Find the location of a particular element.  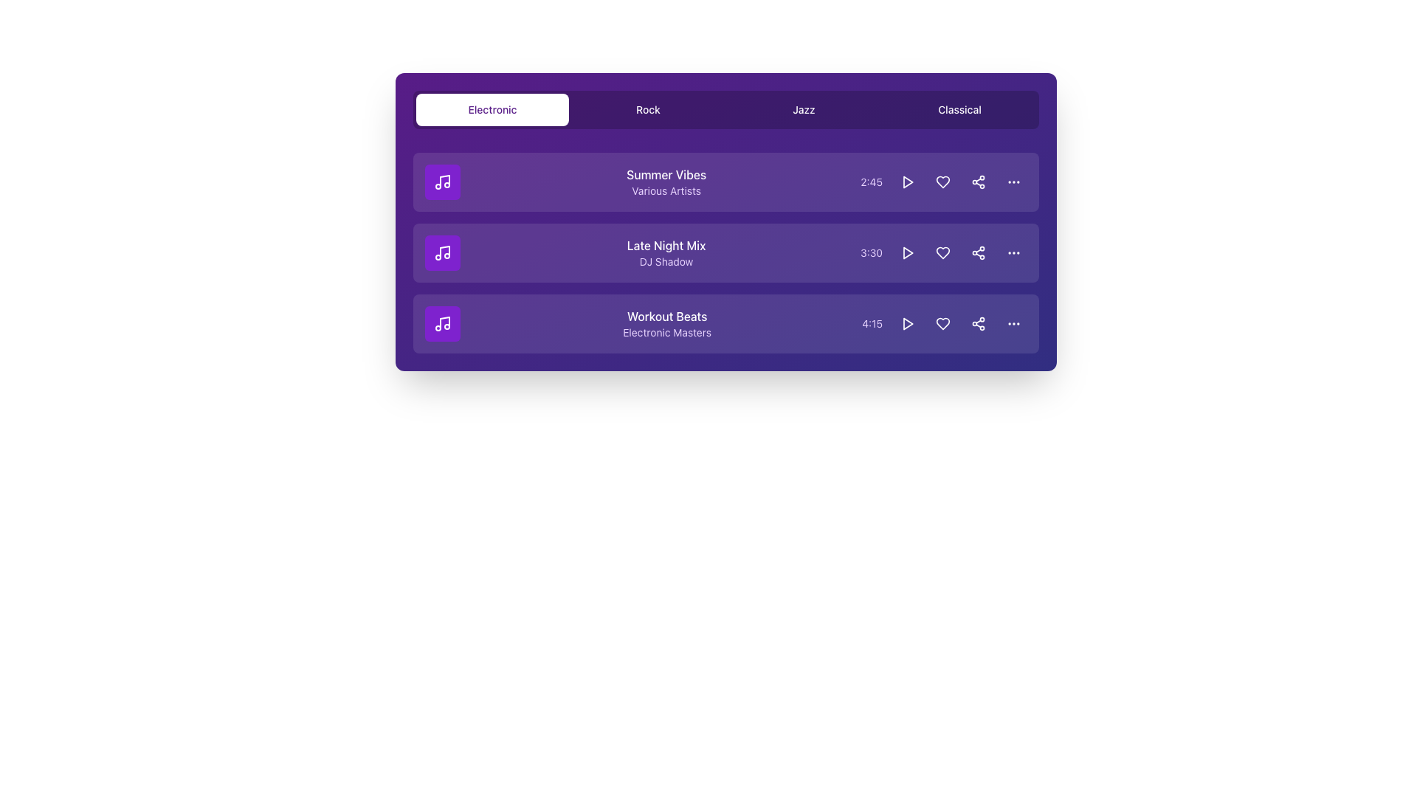

the music icon located is located at coordinates (442, 323).